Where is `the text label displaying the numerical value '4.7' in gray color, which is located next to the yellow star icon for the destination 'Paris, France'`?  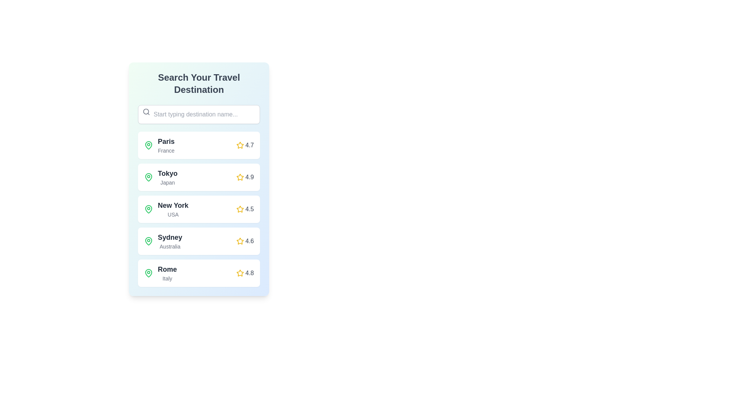
the text label displaying the numerical value '4.7' in gray color, which is located next to the yellow star icon for the destination 'Paris, France' is located at coordinates (249, 145).